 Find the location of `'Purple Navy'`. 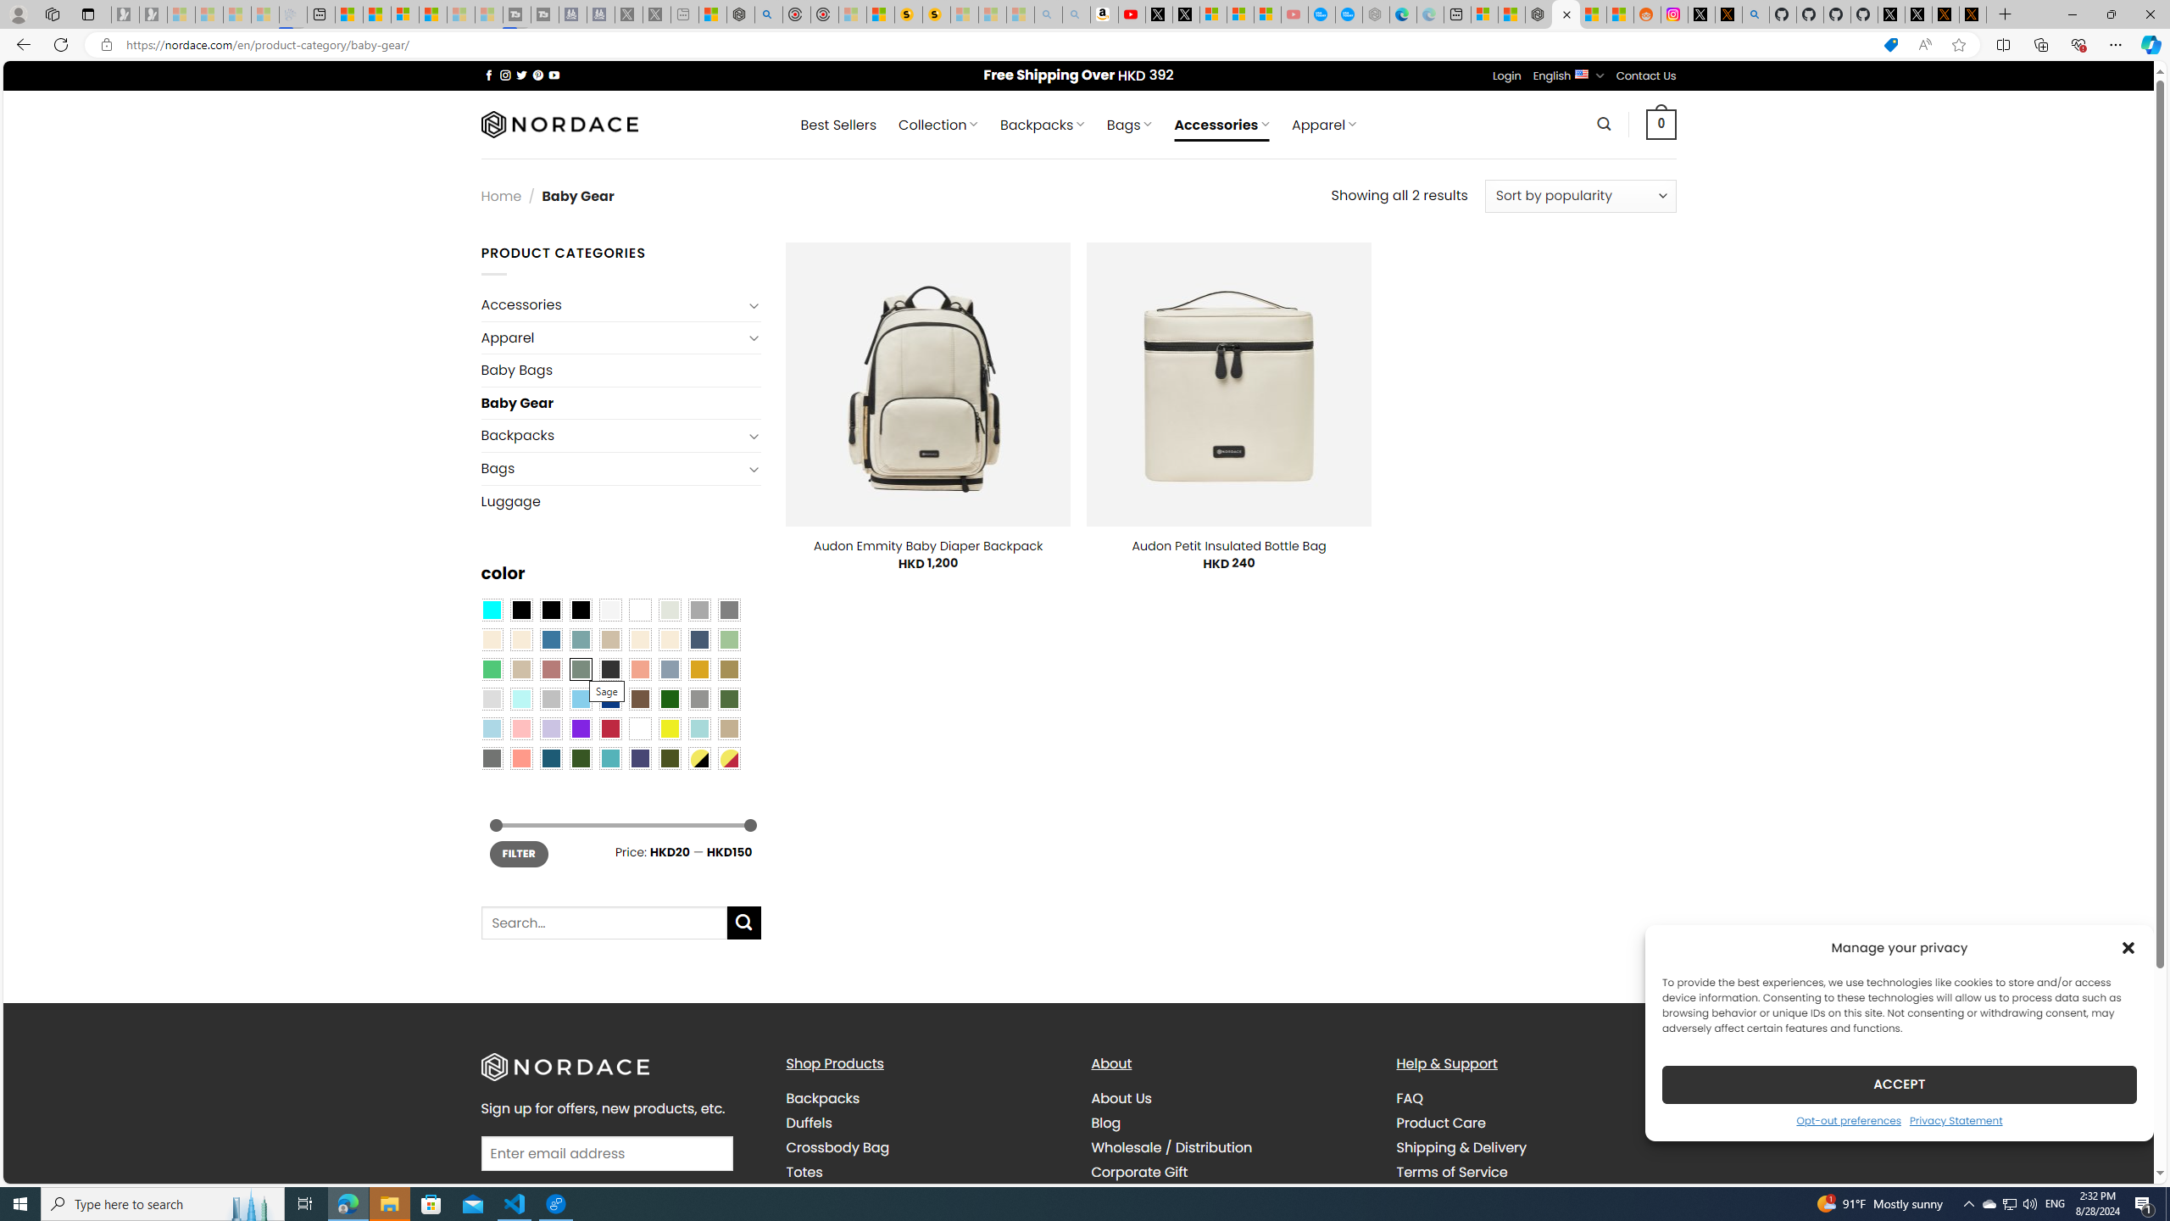

'Purple Navy' is located at coordinates (639, 757).